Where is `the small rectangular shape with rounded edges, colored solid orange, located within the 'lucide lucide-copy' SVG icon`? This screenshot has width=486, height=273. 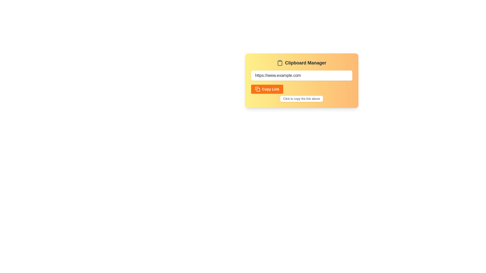
the small rectangular shape with rounded edges, colored solid orange, located within the 'lucide lucide-copy' SVG icon is located at coordinates (258, 89).